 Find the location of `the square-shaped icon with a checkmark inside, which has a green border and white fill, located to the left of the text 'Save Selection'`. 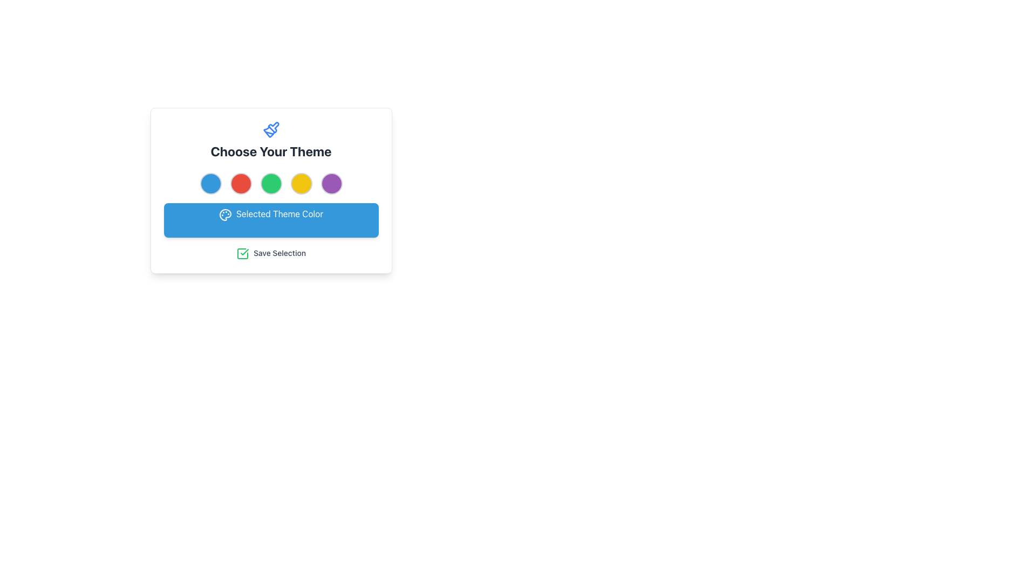

the square-shaped icon with a checkmark inside, which has a green border and white fill, located to the left of the text 'Save Selection' is located at coordinates (242, 253).